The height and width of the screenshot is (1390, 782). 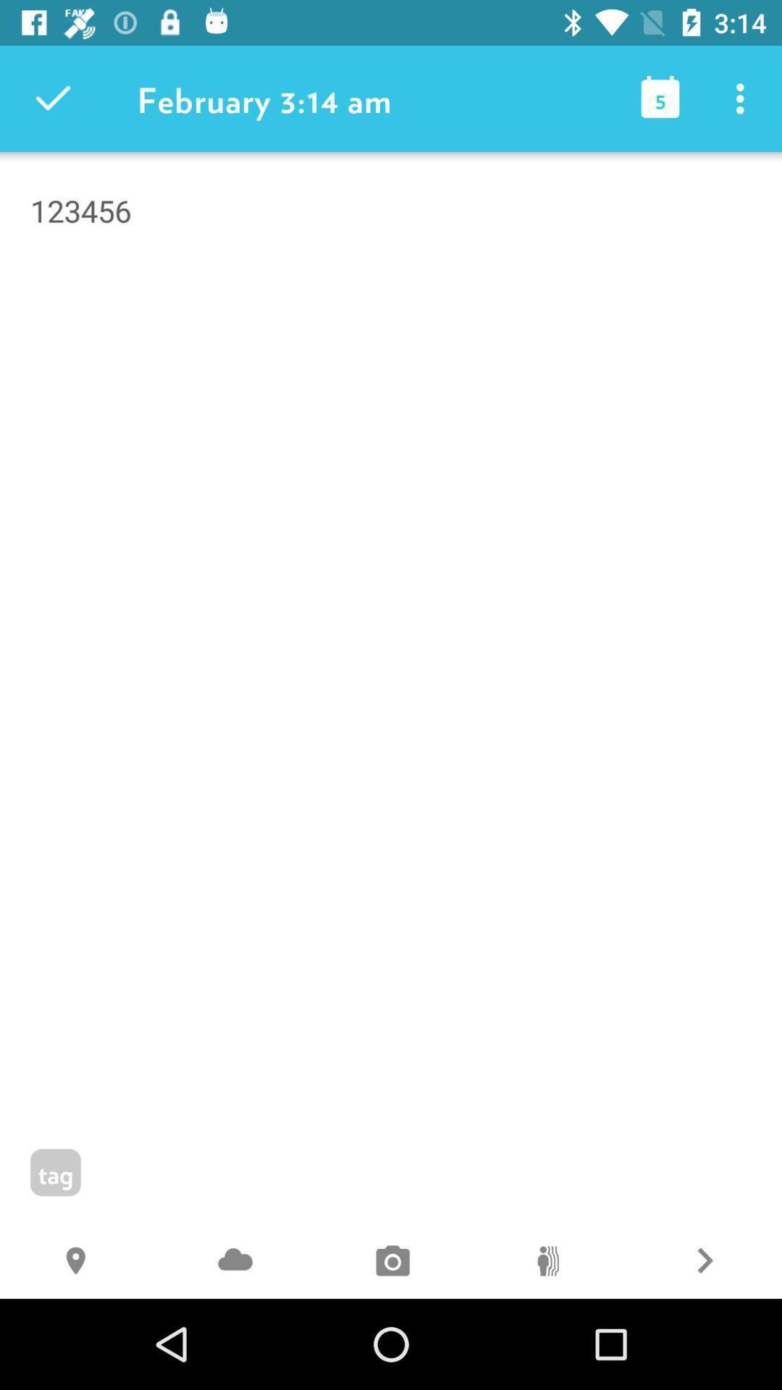 I want to click on the 0, so click(x=547, y=1262).